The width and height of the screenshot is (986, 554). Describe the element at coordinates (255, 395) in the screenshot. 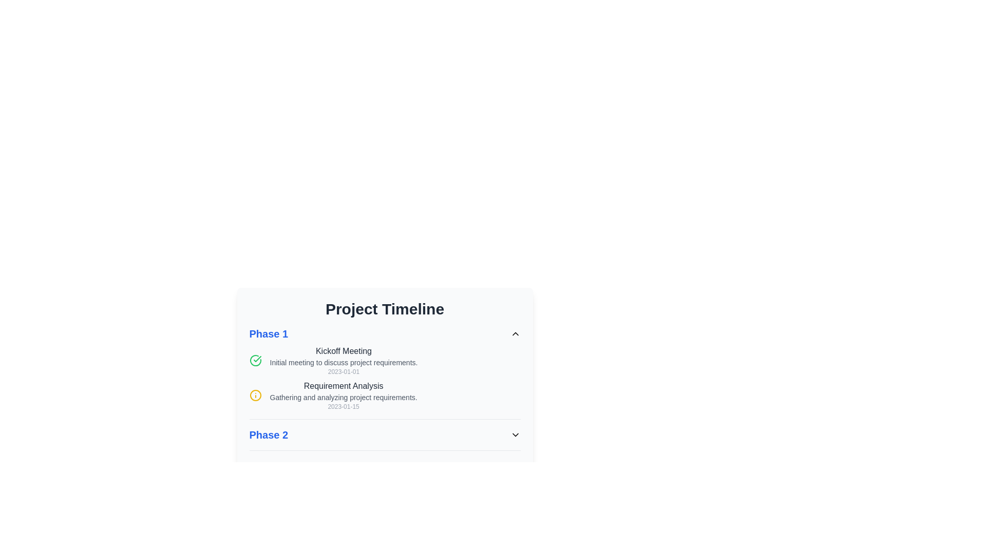

I see `the icon located to the immediate left of the text 'Requirement Analysis' in the 'Project Timeline' interface under 'Phase 1.'` at that location.